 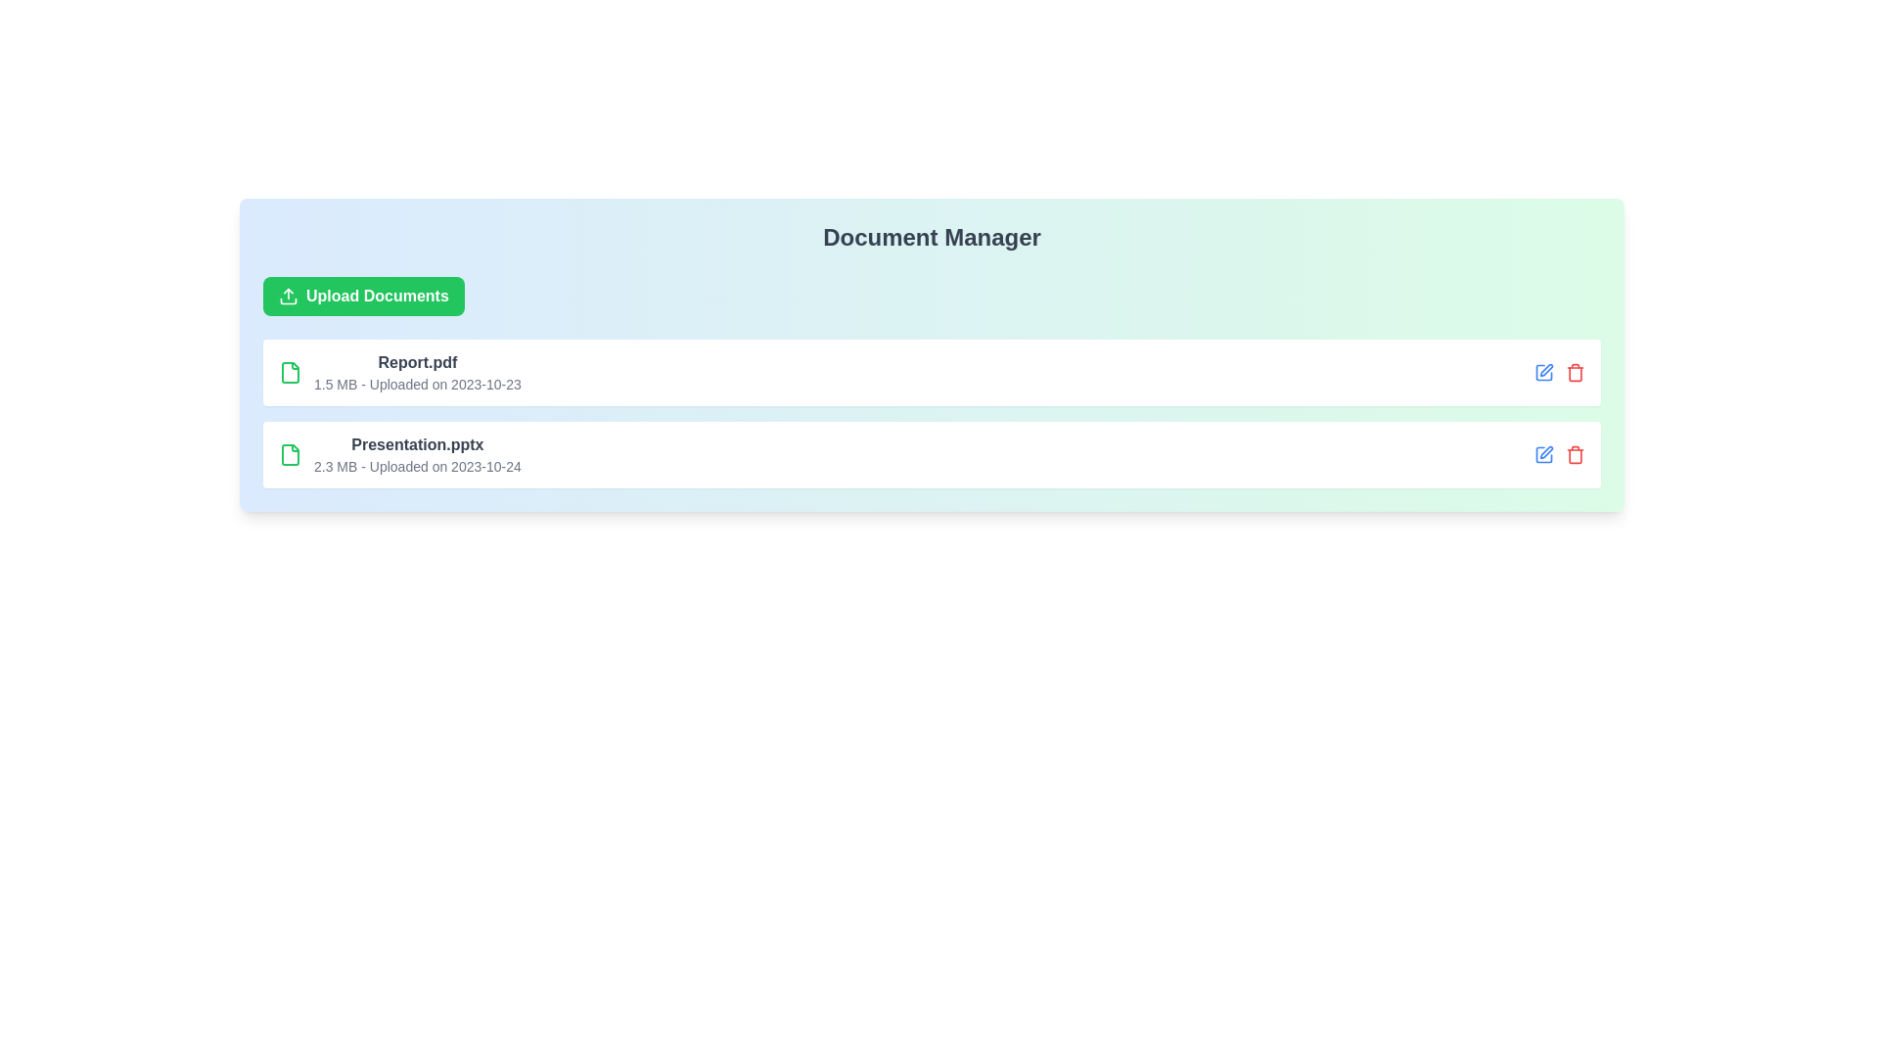 What do you see at coordinates (287, 301) in the screenshot?
I see `the bottom boundary line of the upload icon, which is part of the 'Upload Documents' button located near the top left of the document manager interface` at bounding box center [287, 301].